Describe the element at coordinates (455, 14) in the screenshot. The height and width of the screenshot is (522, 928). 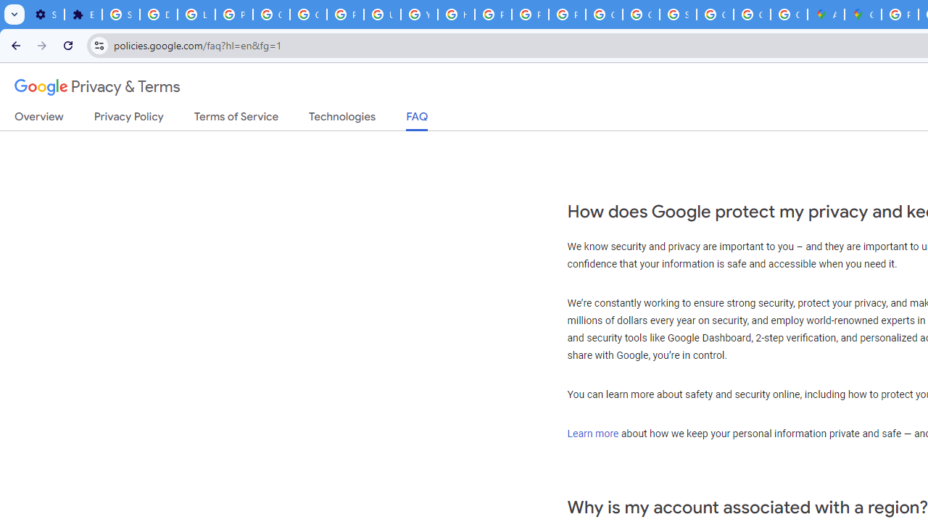
I see `'https://scholar.google.com/'` at that location.